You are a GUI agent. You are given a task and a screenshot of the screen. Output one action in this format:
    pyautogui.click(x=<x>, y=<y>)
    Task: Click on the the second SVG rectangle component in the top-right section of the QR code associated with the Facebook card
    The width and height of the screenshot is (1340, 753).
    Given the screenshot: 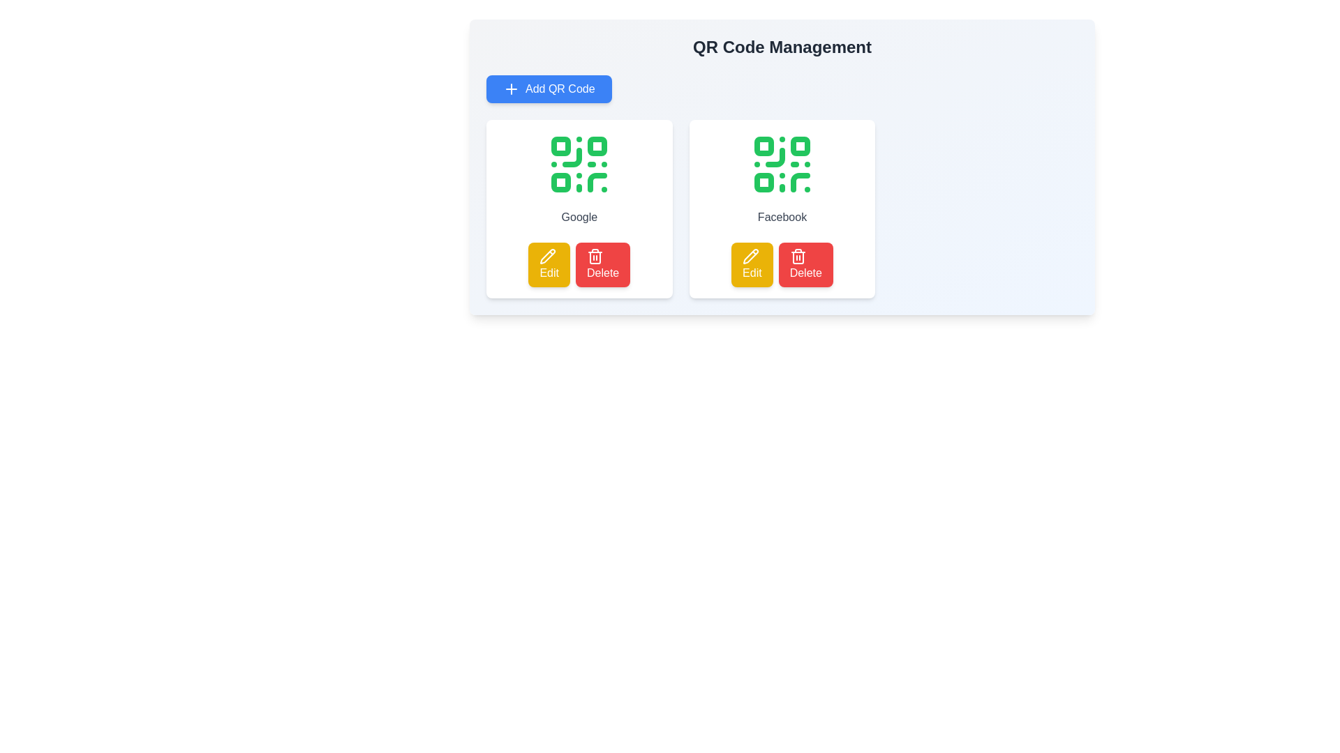 What is the action you would take?
    pyautogui.click(x=801, y=146)
    